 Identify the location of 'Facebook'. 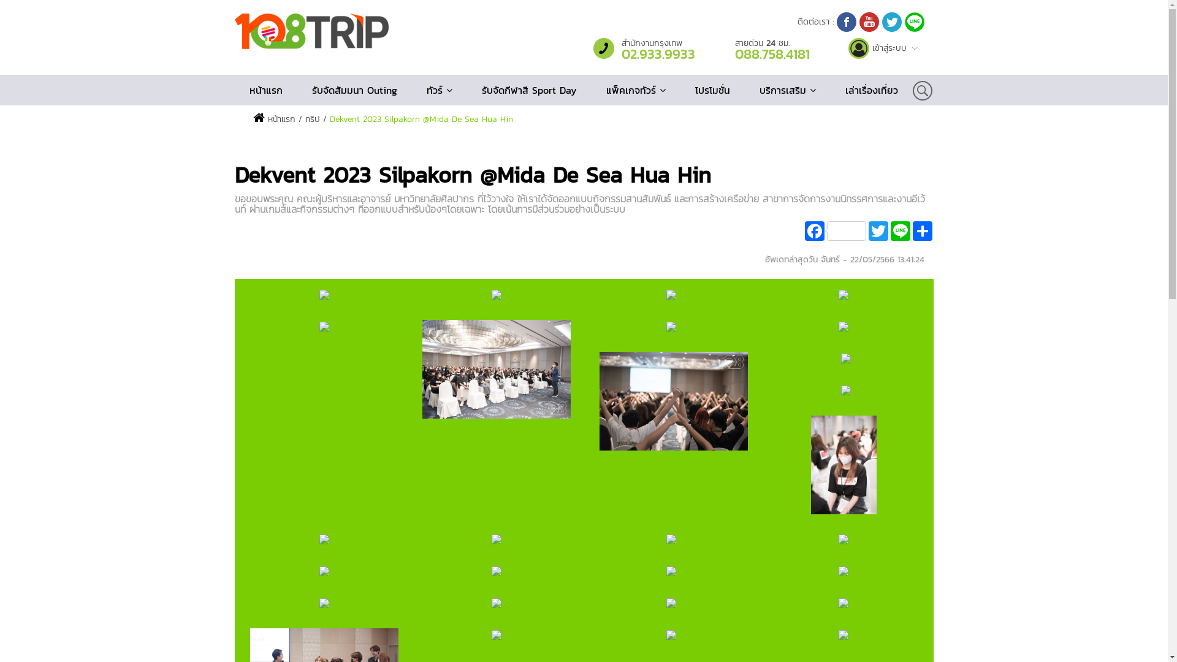
(834, 231).